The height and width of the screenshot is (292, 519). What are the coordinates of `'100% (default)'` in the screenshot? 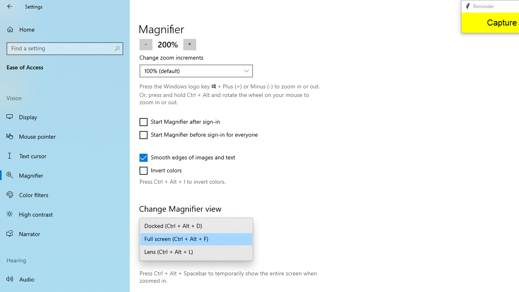 It's located at (191, 70).